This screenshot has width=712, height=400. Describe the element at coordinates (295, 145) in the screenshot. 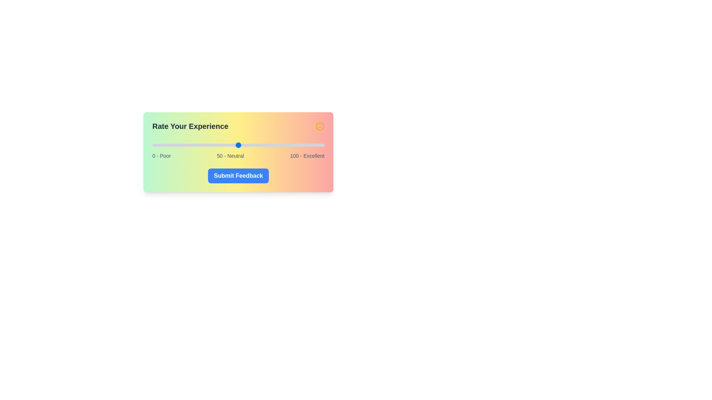

I see `the satisfaction slider to 83 value` at that location.